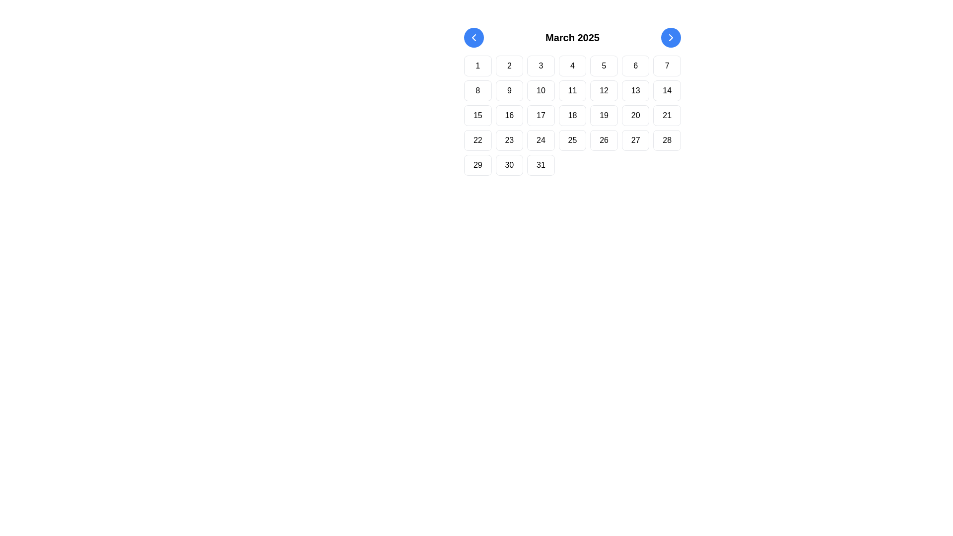  What do you see at coordinates (477, 140) in the screenshot?
I see `the square button marked with '22' in the calendar grid for March 2025` at bounding box center [477, 140].